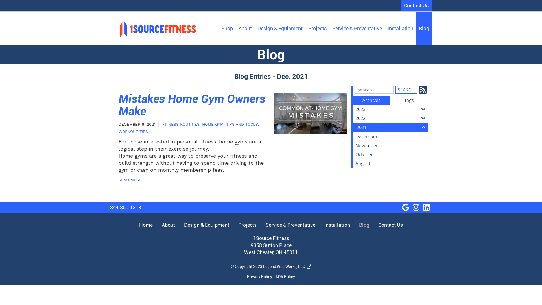 The height and width of the screenshot is (305, 542). What do you see at coordinates (242, 124) in the screenshot?
I see `'TIPS AND TOOLS'` at bounding box center [242, 124].